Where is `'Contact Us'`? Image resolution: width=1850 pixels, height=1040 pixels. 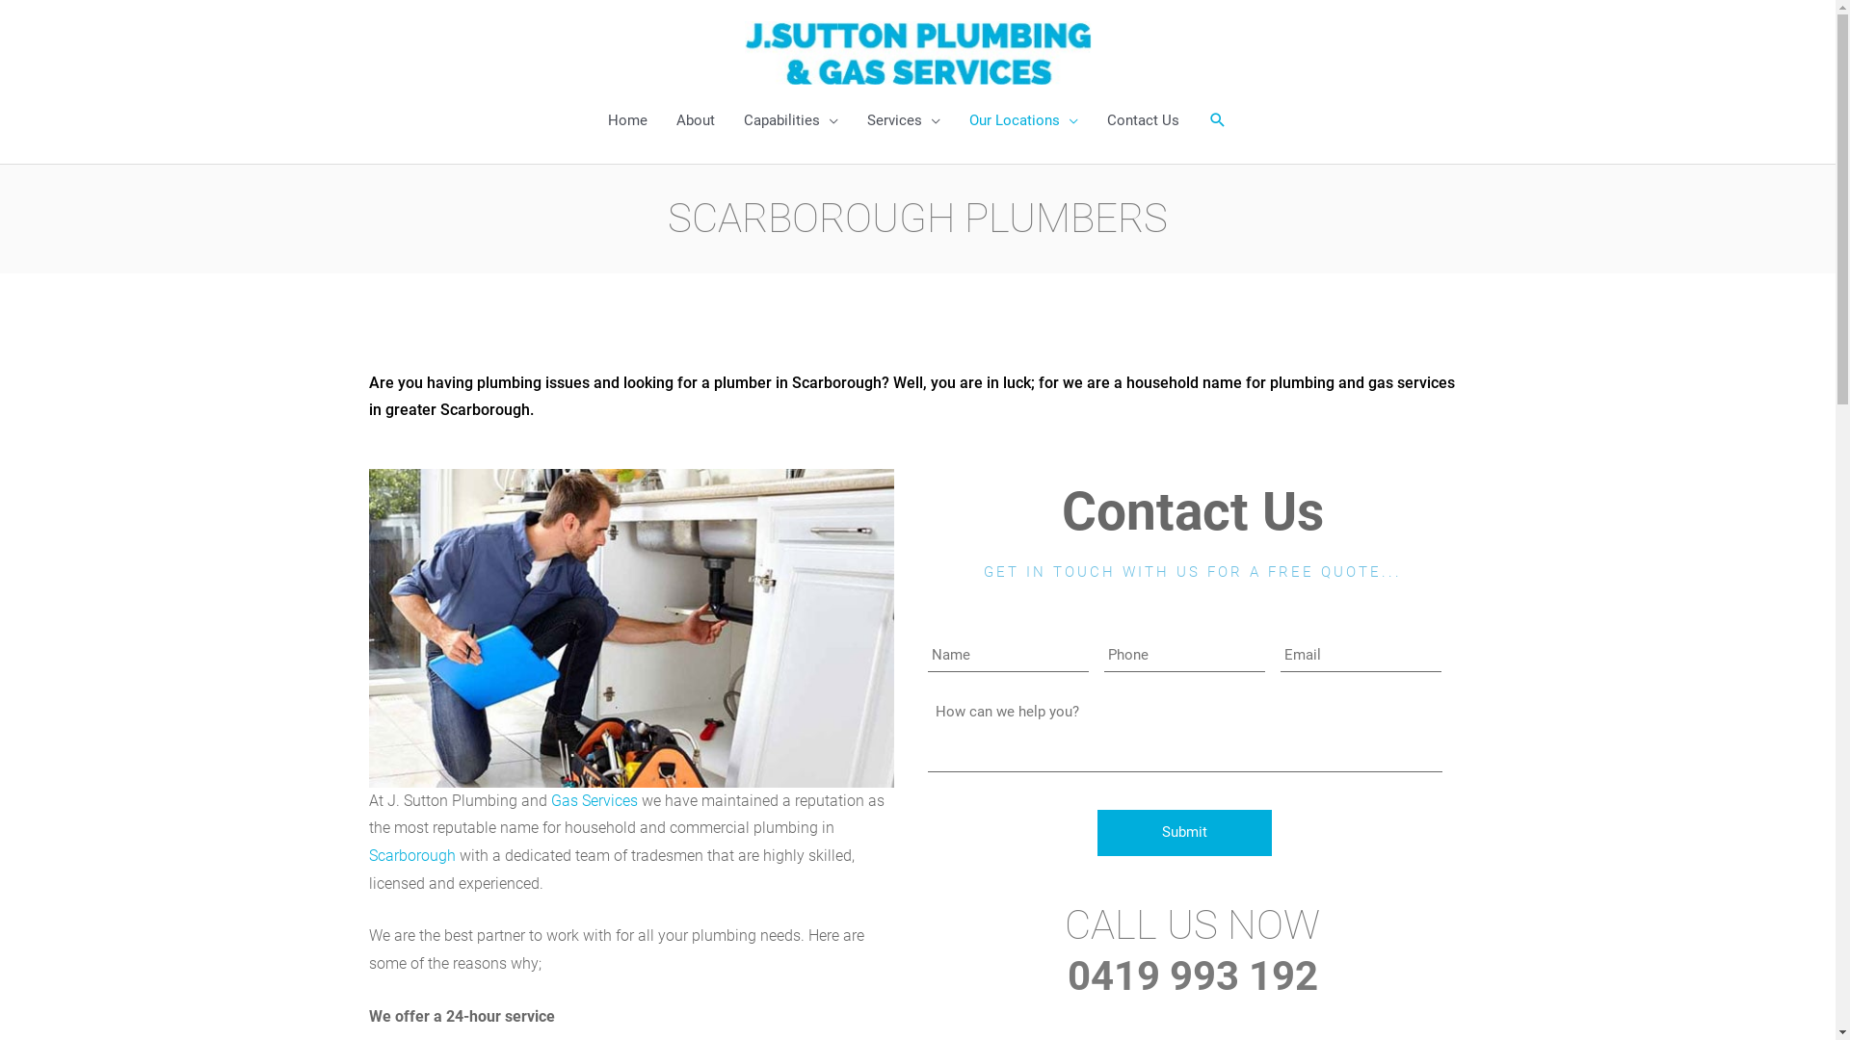
'Contact Us' is located at coordinates (1092, 119).